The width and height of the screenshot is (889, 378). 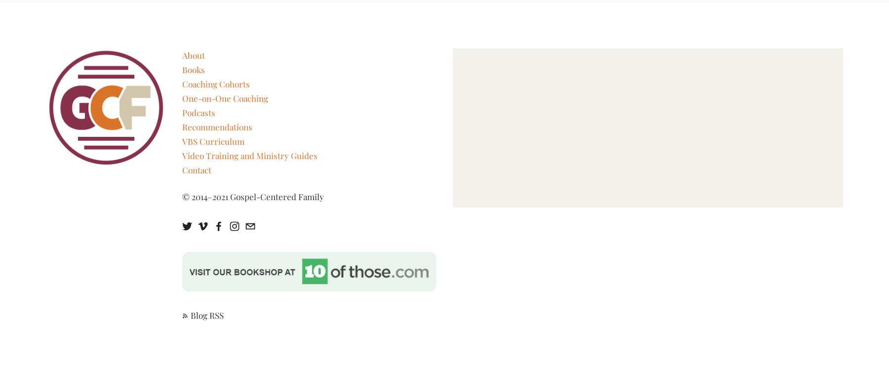 What do you see at coordinates (198, 112) in the screenshot?
I see `'Podcasts'` at bounding box center [198, 112].